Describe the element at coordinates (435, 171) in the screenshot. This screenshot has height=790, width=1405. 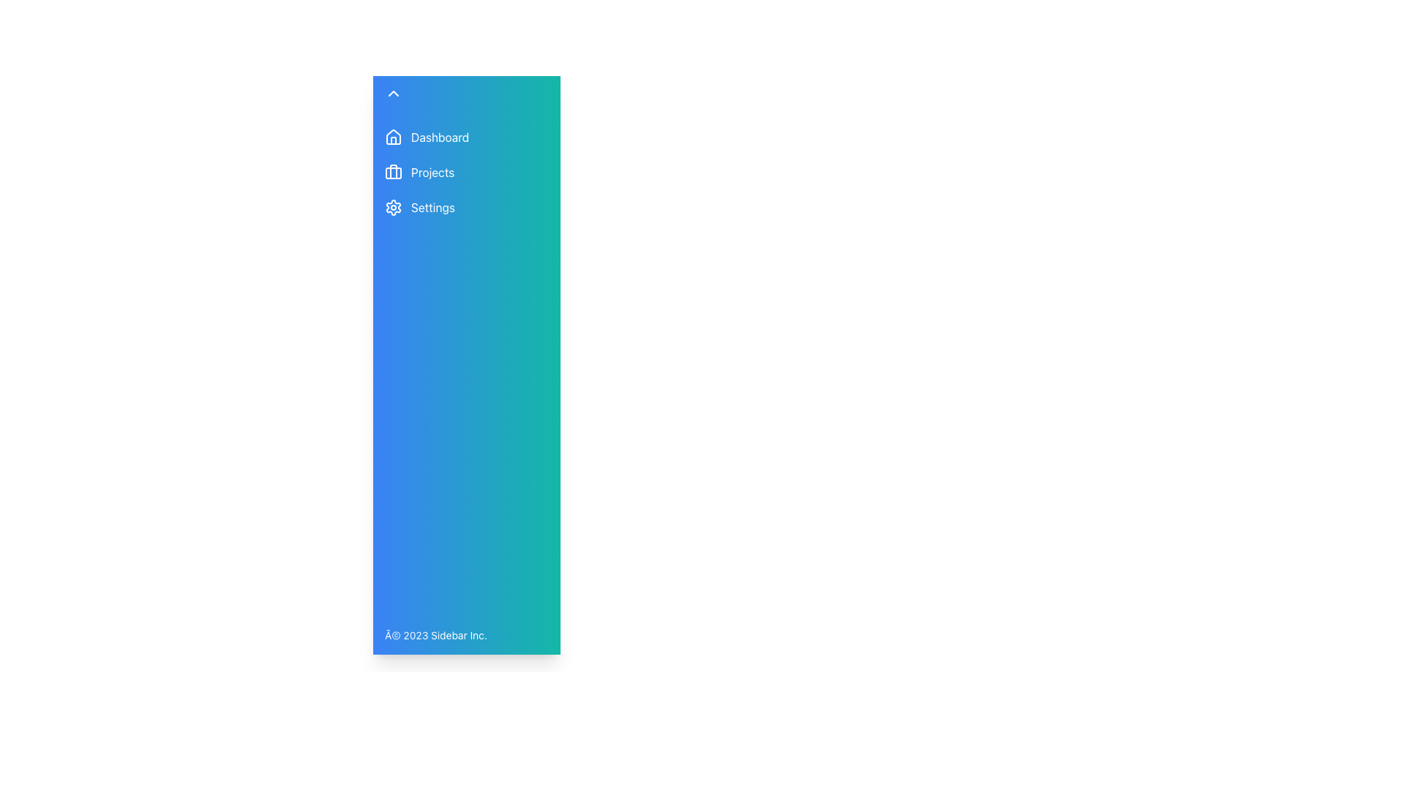
I see `the middle navigational menu item in the application's sidebar` at that location.